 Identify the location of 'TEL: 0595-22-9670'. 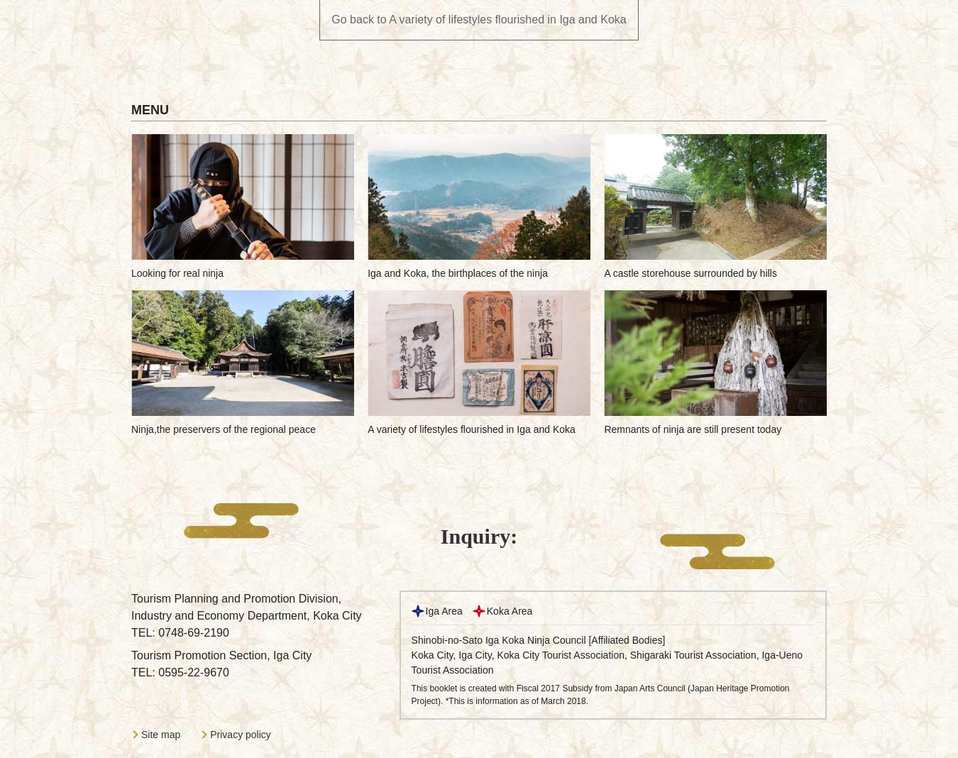
(179, 672).